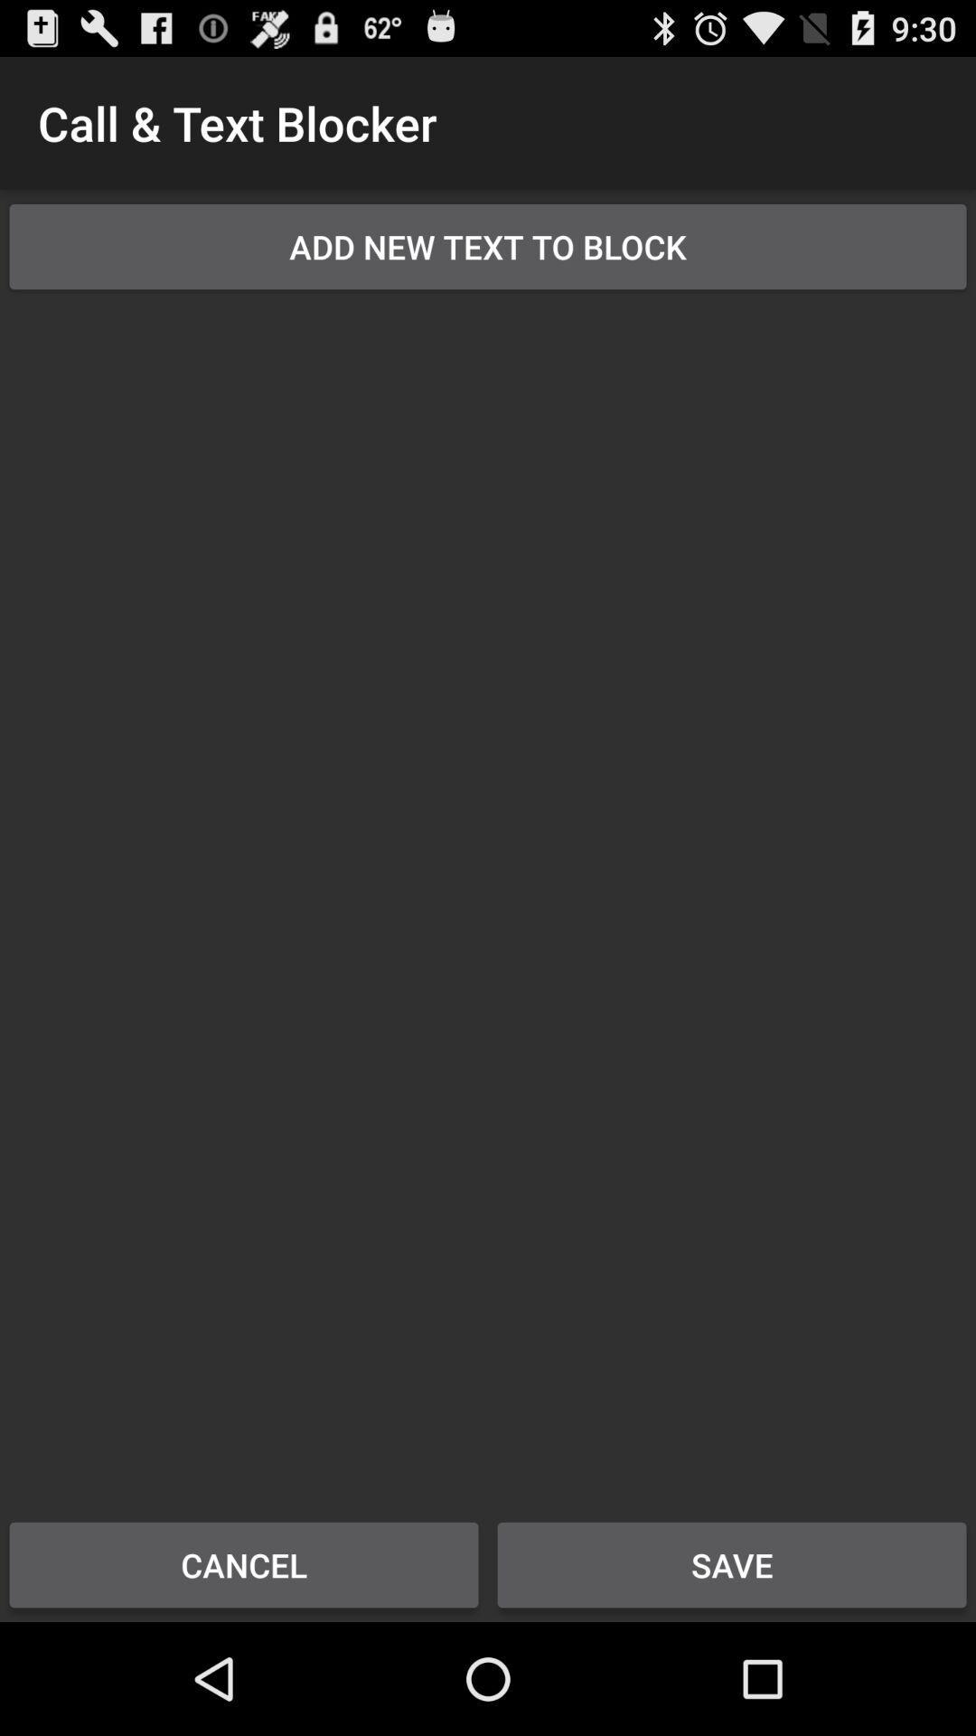 This screenshot has width=976, height=1736. I want to click on the cancel item, so click(244, 1564).